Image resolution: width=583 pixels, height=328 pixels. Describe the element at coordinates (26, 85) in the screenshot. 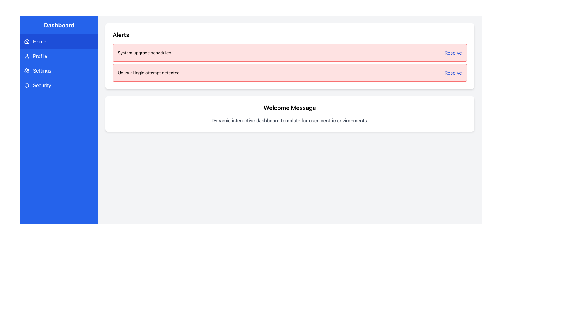

I see `the shield icon associated with security in the sidebar, which has a blue outline and is located next to the 'Security' label` at that location.